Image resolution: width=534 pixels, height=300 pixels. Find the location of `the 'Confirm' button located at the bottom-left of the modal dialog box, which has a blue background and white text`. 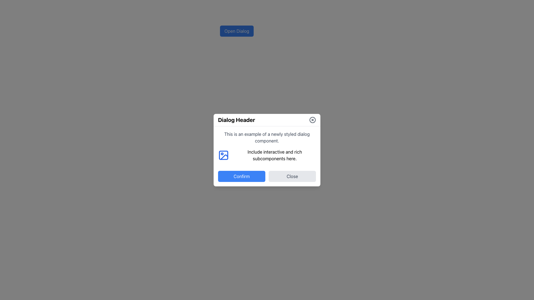

the 'Confirm' button located at the bottom-left of the modal dialog box, which has a blue background and white text is located at coordinates (241, 176).